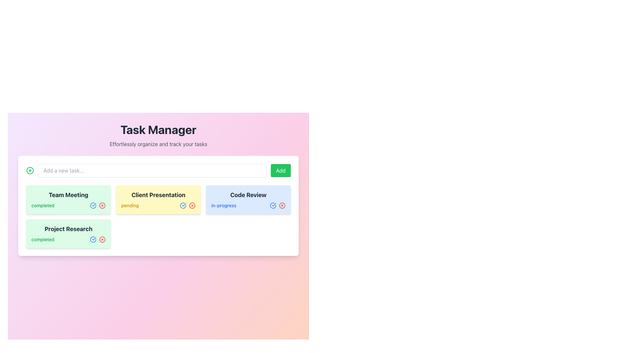 Image resolution: width=628 pixels, height=353 pixels. Describe the element at coordinates (278, 205) in the screenshot. I see `the icon grouping (Action group) located to the right of the 'in-progress' label in the 'Code Review' task section` at that location.